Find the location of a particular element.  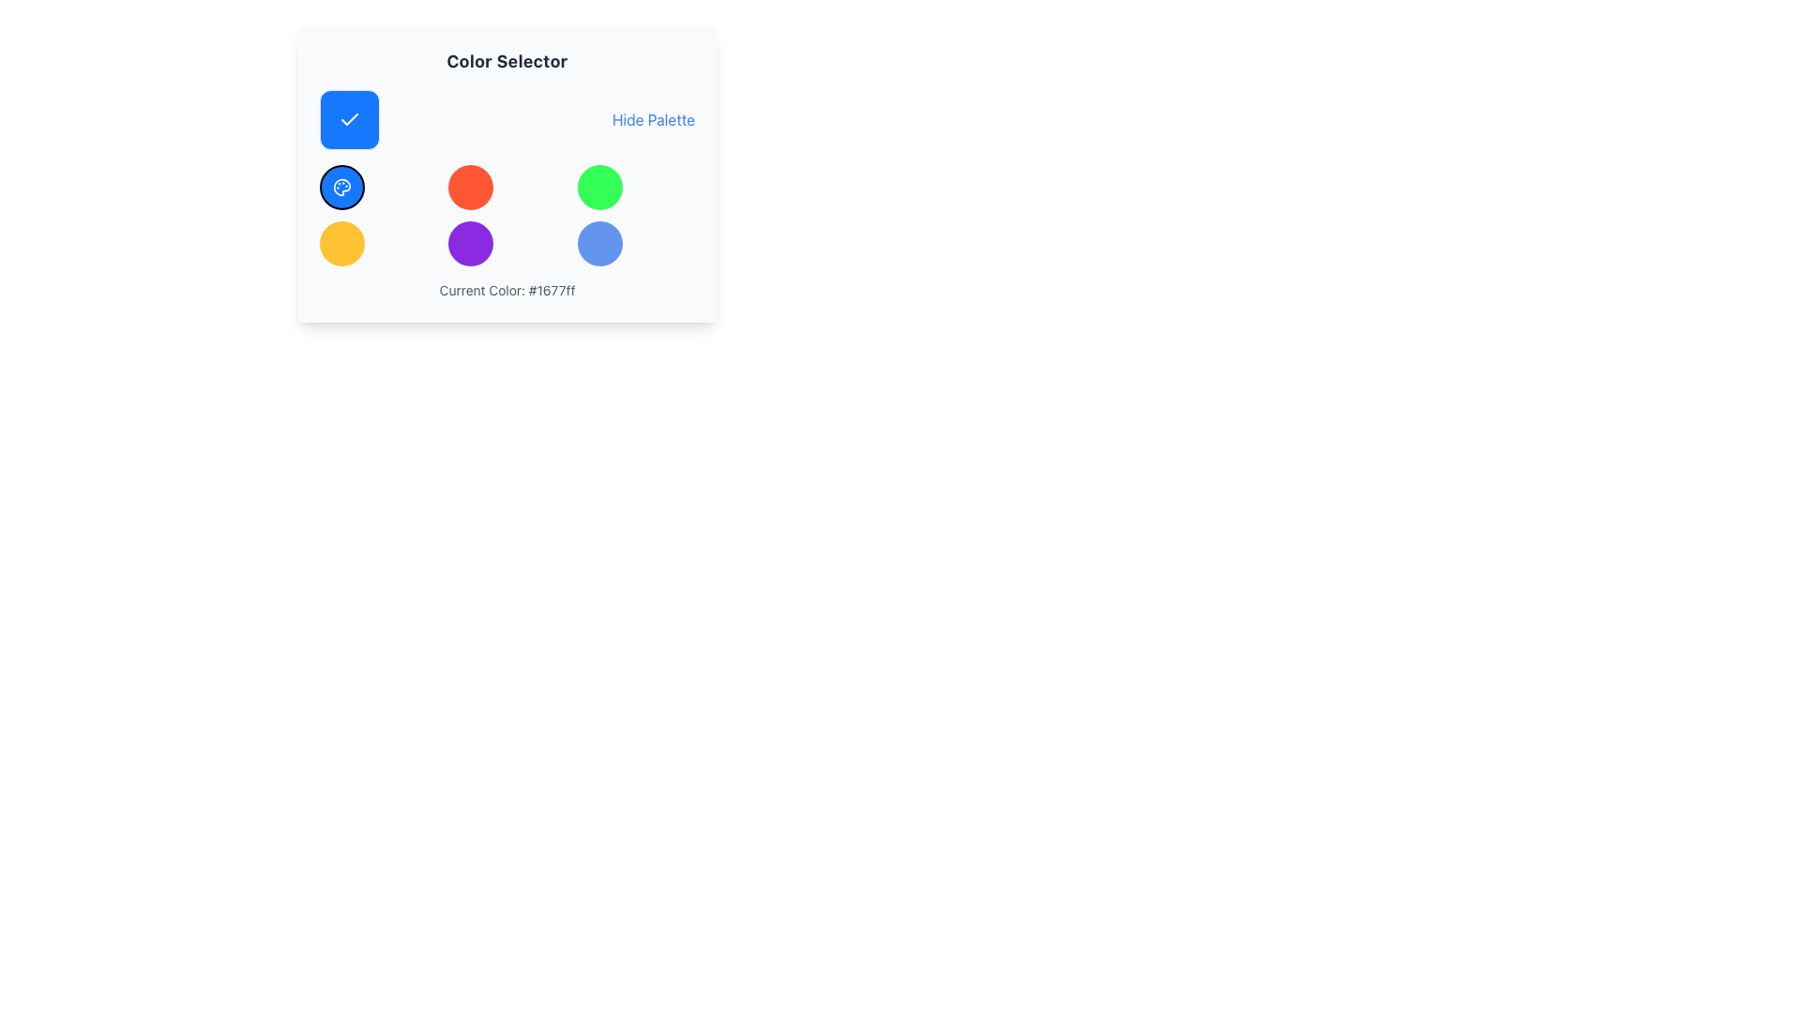

the Text Label that serves as a section title for the color selection panel, located at the top of the panel with a white background and rounded corners is located at coordinates (507, 60).